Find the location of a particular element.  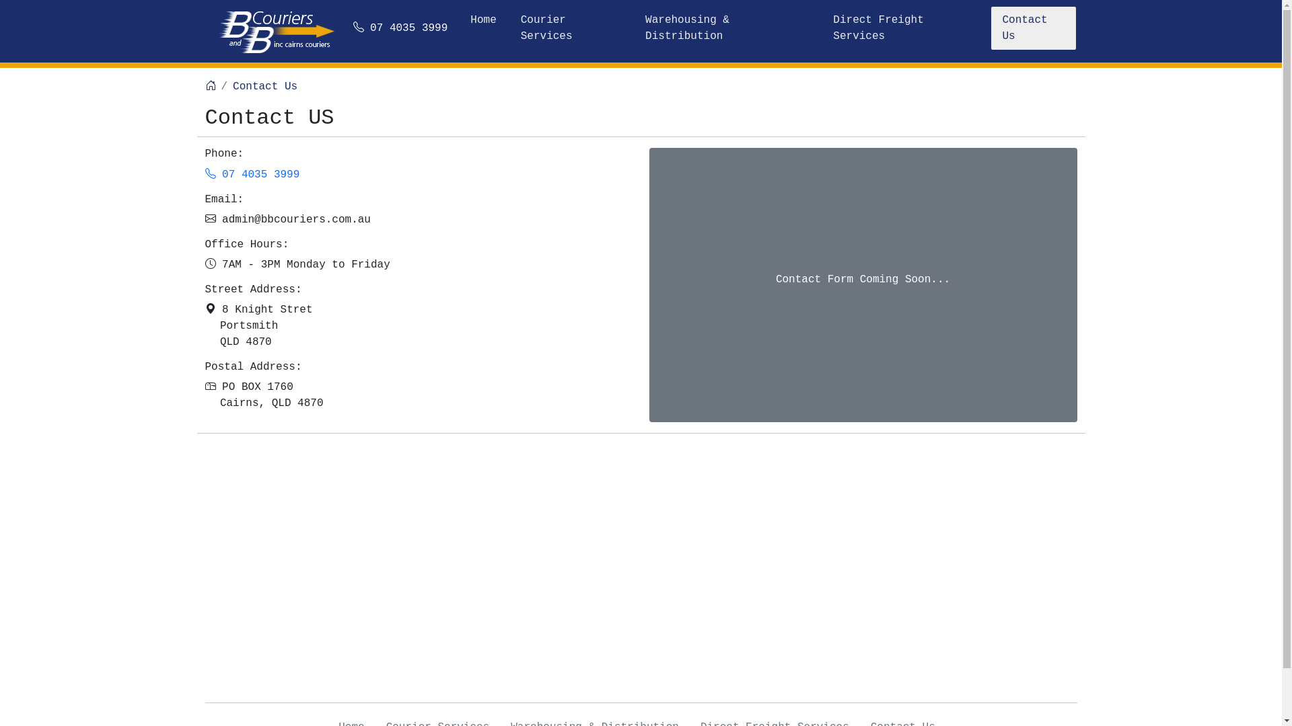

'Direct Freight Services' is located at coordinates (905, 28).